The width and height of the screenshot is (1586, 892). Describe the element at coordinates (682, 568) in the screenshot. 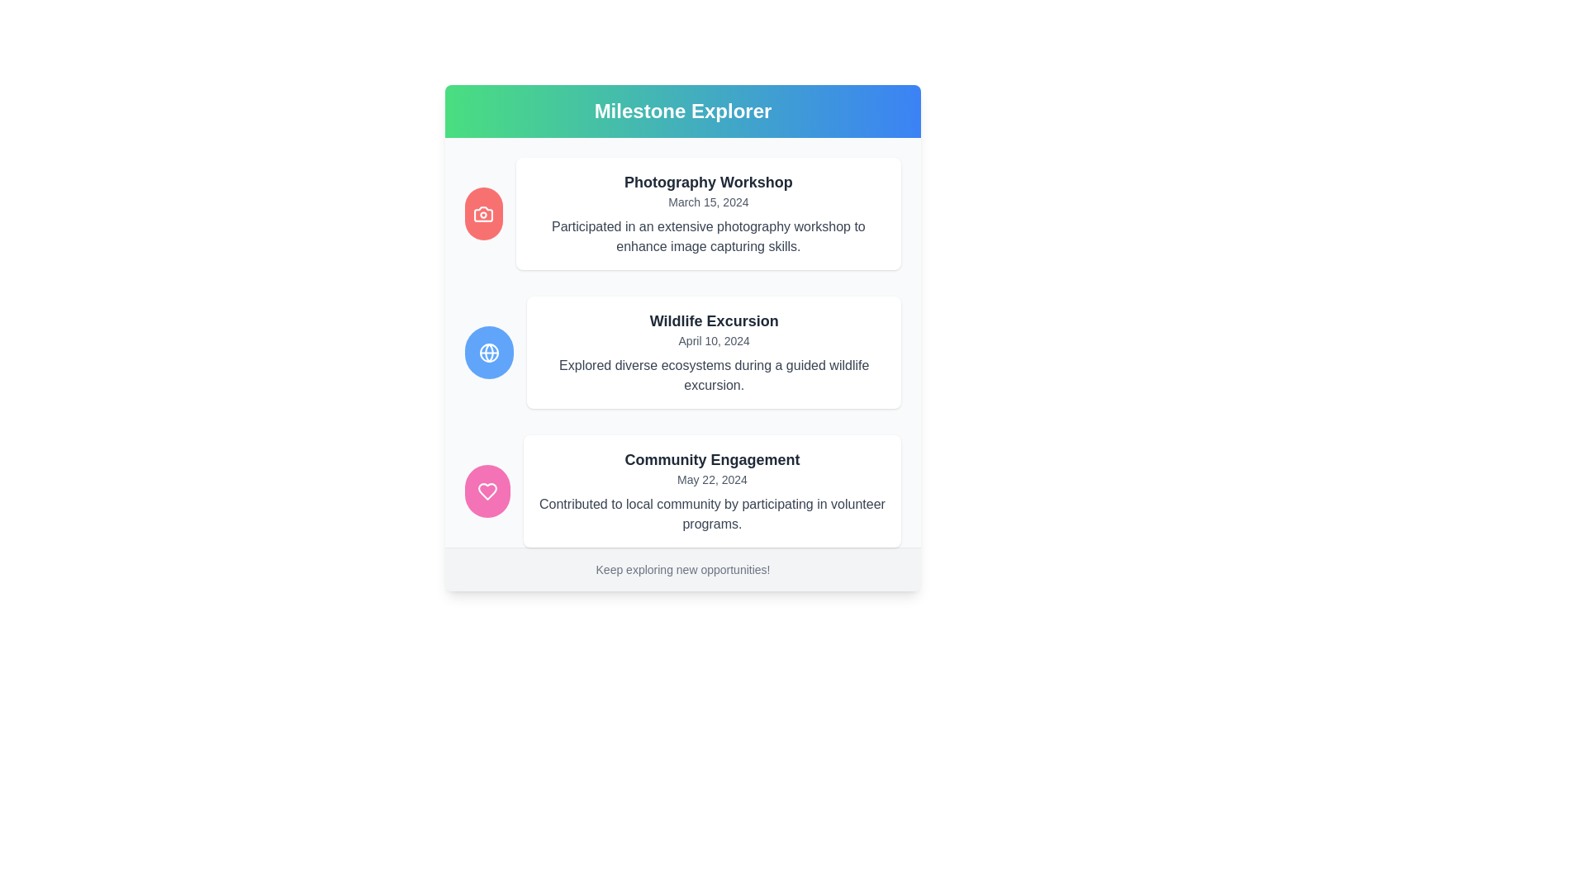

I see `the Text Label that displays a motivational message, located at the bottom of the main information card, just below the listed events` at that location.